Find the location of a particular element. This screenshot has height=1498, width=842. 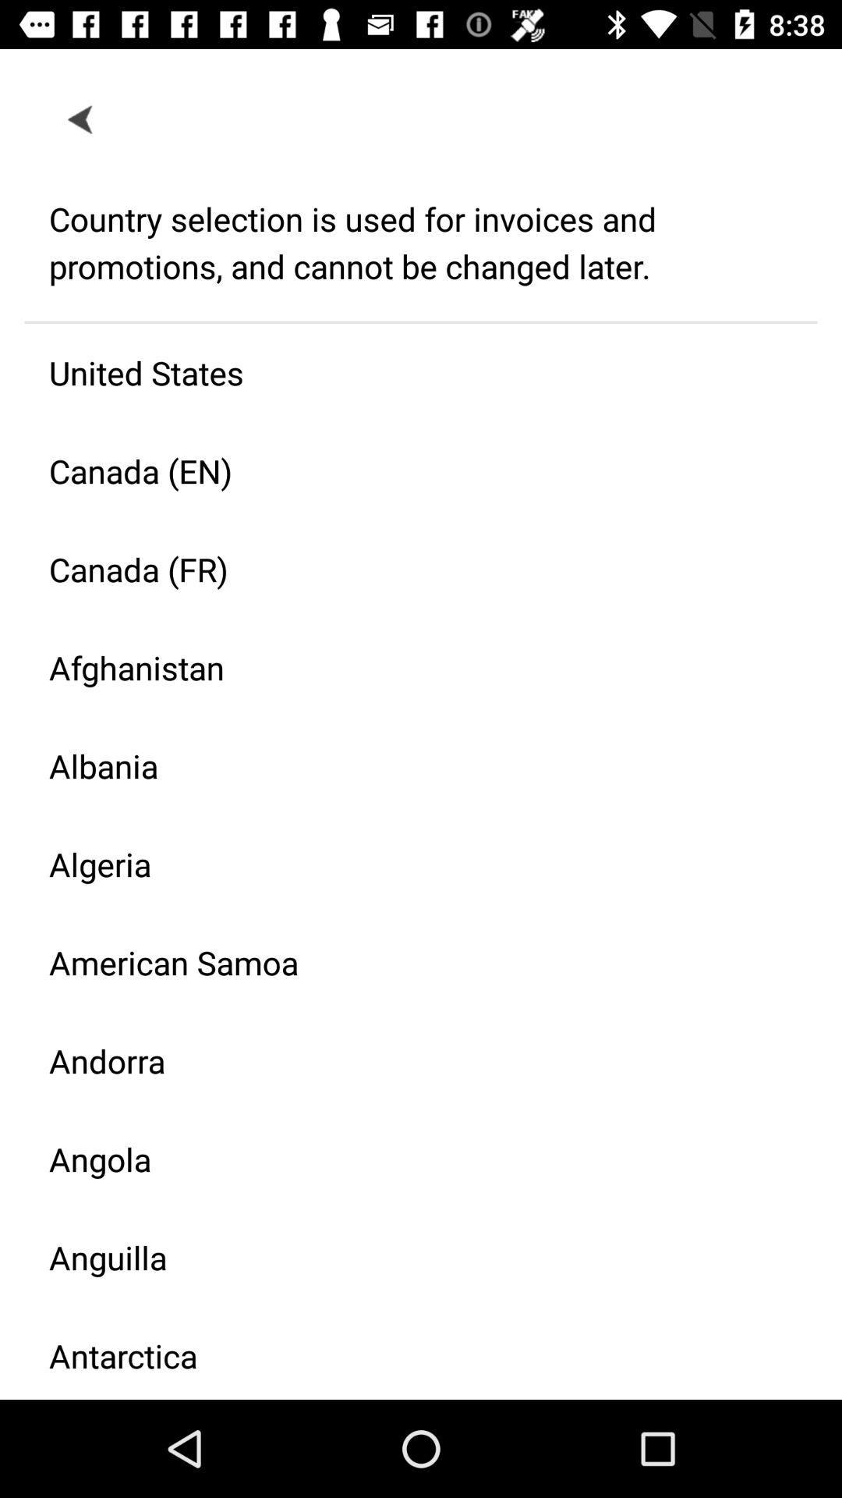

icon below canada (en) item is located at coordinates (408, 568).